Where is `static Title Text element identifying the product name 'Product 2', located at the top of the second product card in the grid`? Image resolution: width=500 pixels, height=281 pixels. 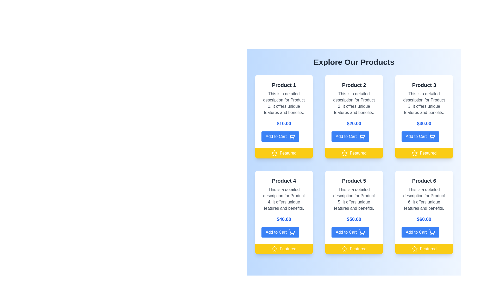
static Title Text element identifying the product name 'Product 2', located at the top of the second product card in the grid is located at coordinates (354, 85).